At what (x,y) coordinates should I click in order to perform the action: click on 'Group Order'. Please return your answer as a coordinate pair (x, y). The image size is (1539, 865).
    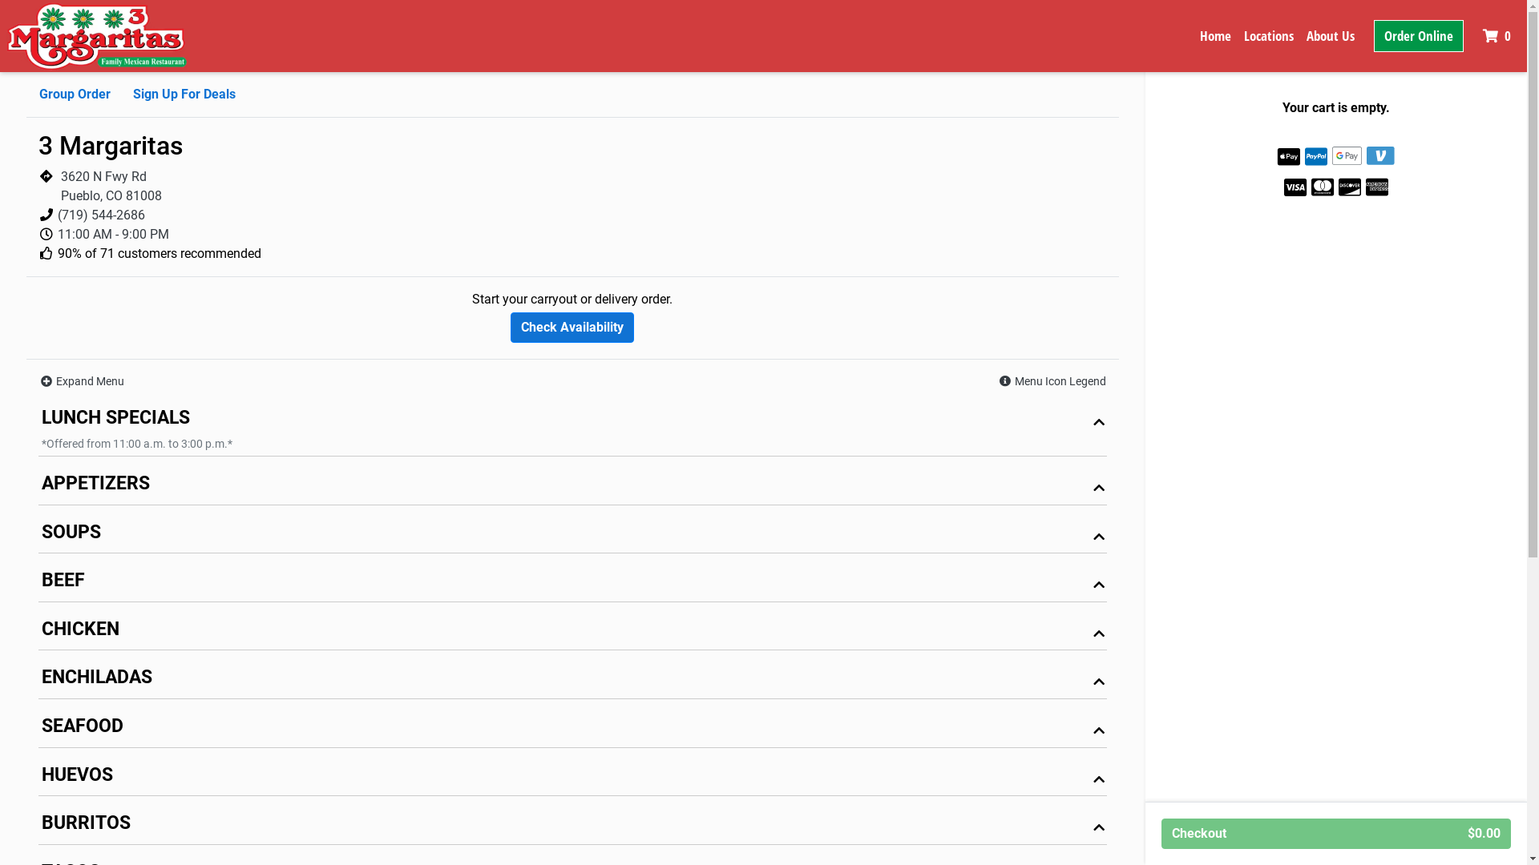
    Looking at the image, I should click on (74, 95).